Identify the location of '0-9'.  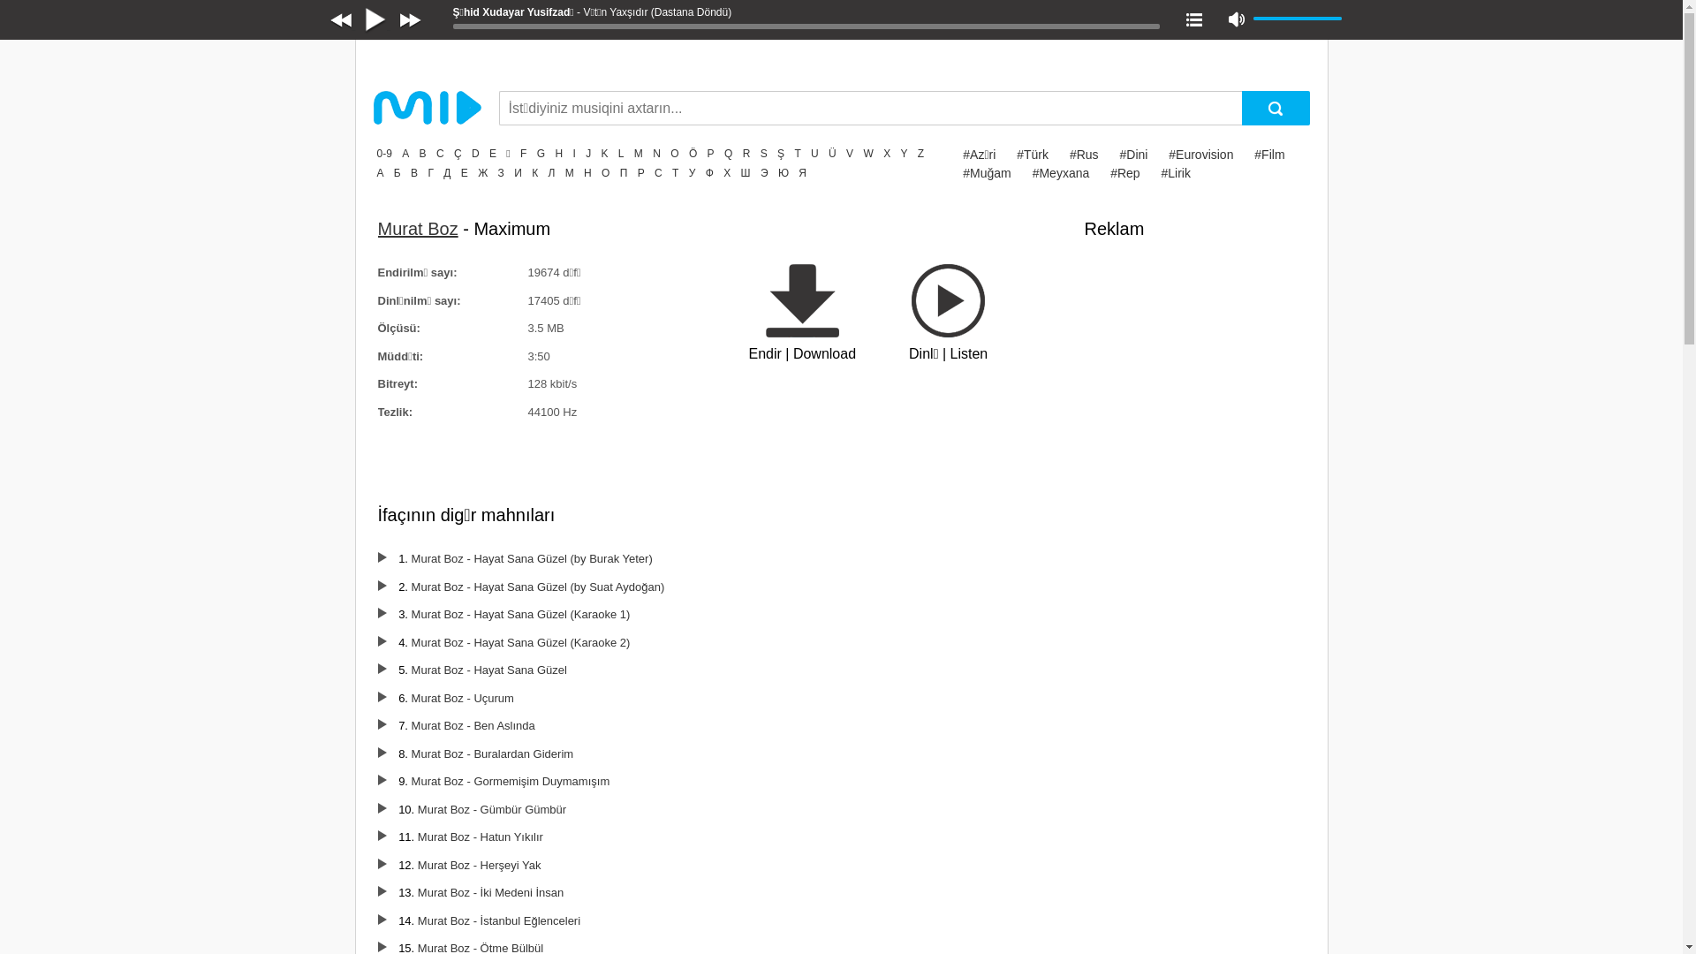
(382, 152).